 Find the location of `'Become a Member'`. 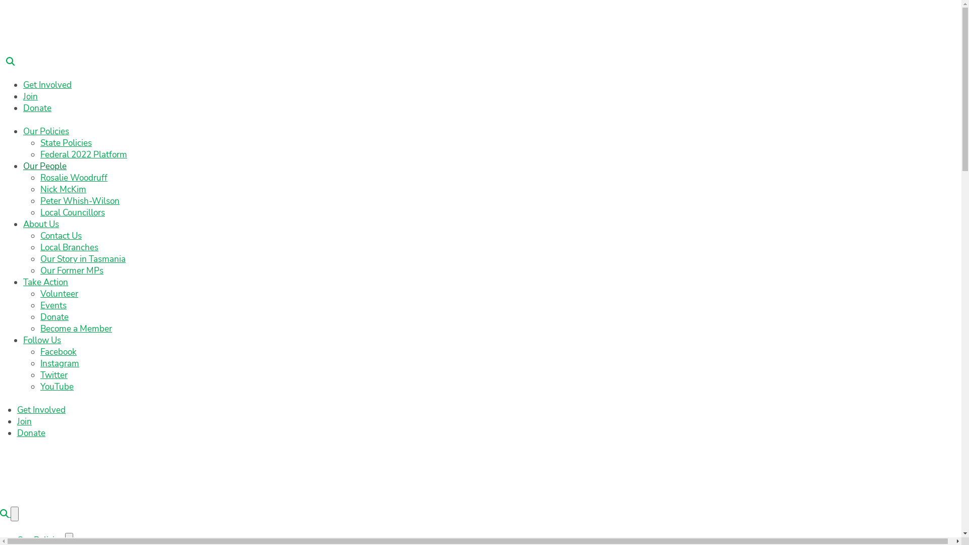

'Become a Member' is located at coordinates (75, 329).